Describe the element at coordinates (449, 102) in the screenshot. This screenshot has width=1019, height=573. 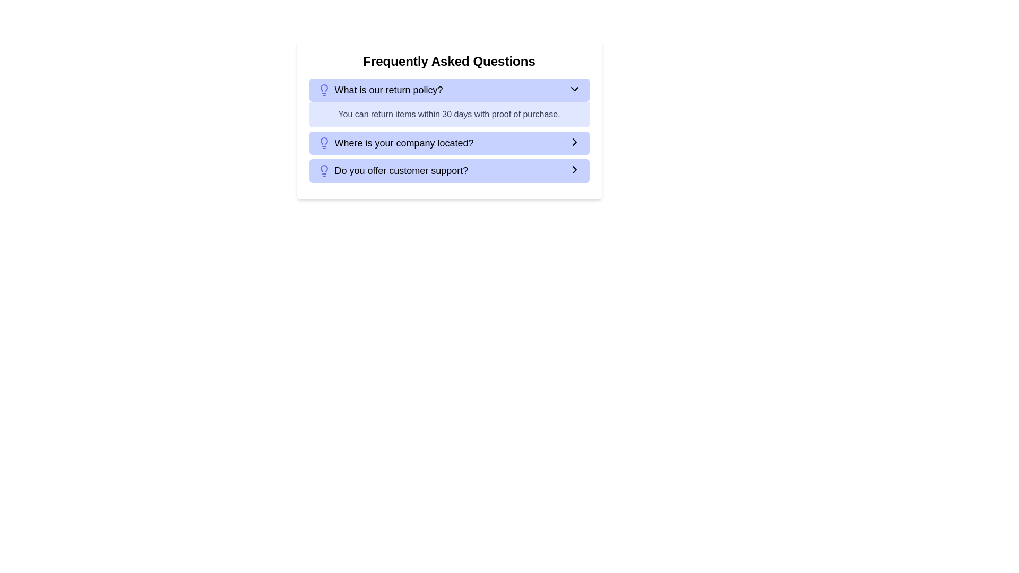
I see `details about the return policy by clicking on the collapsible FAQ item titled 'What is our return policy?', which is the first item in the FAQ section` at that location.